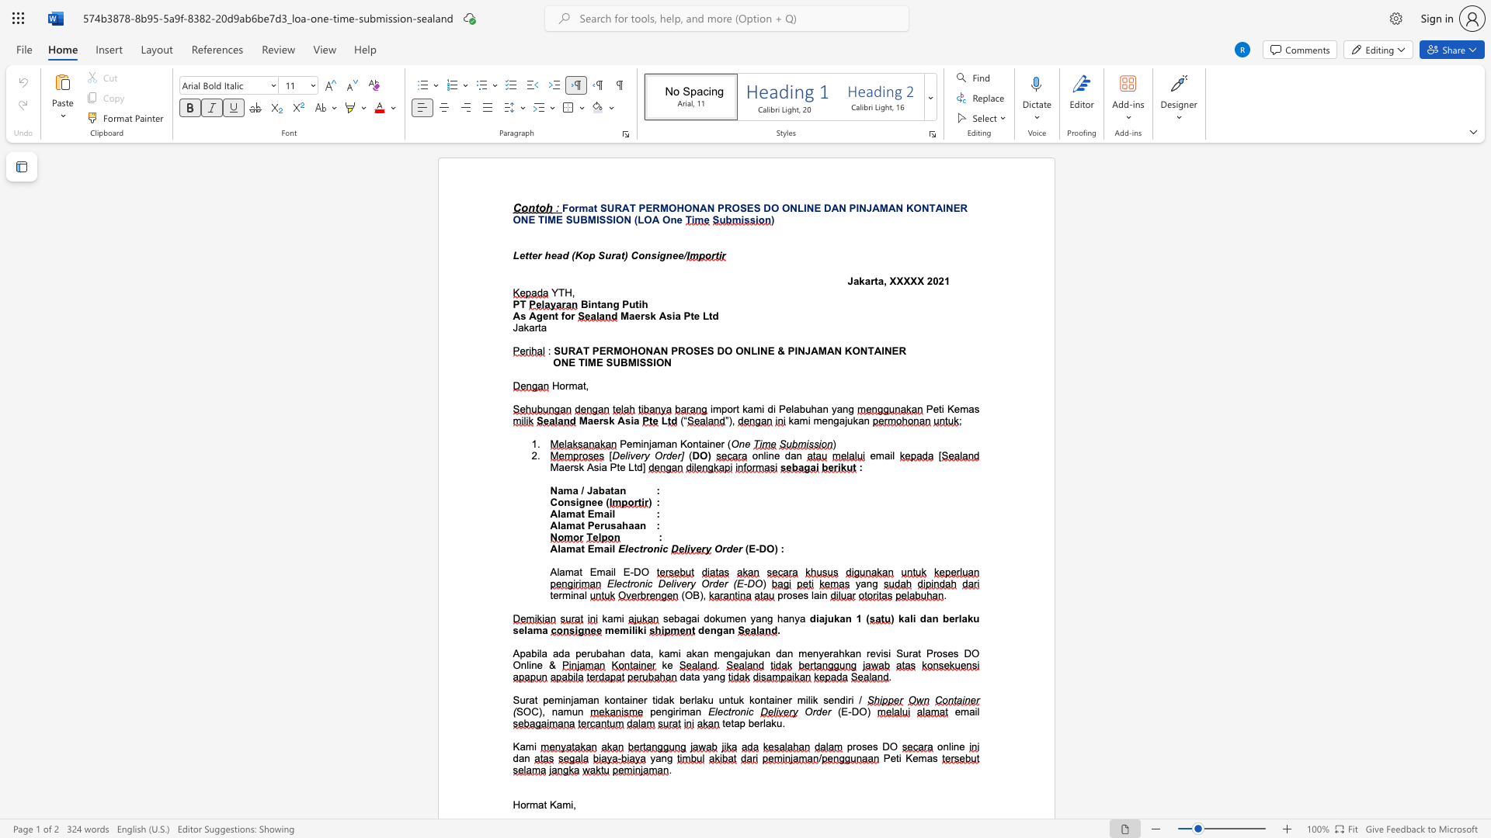 The image size is (1491, 838). Describe the element at coordinates (520, 220) in the screenshot. I see `the subset text "NE T" within the text "ONE TIME SUBMISSION"` at that location.